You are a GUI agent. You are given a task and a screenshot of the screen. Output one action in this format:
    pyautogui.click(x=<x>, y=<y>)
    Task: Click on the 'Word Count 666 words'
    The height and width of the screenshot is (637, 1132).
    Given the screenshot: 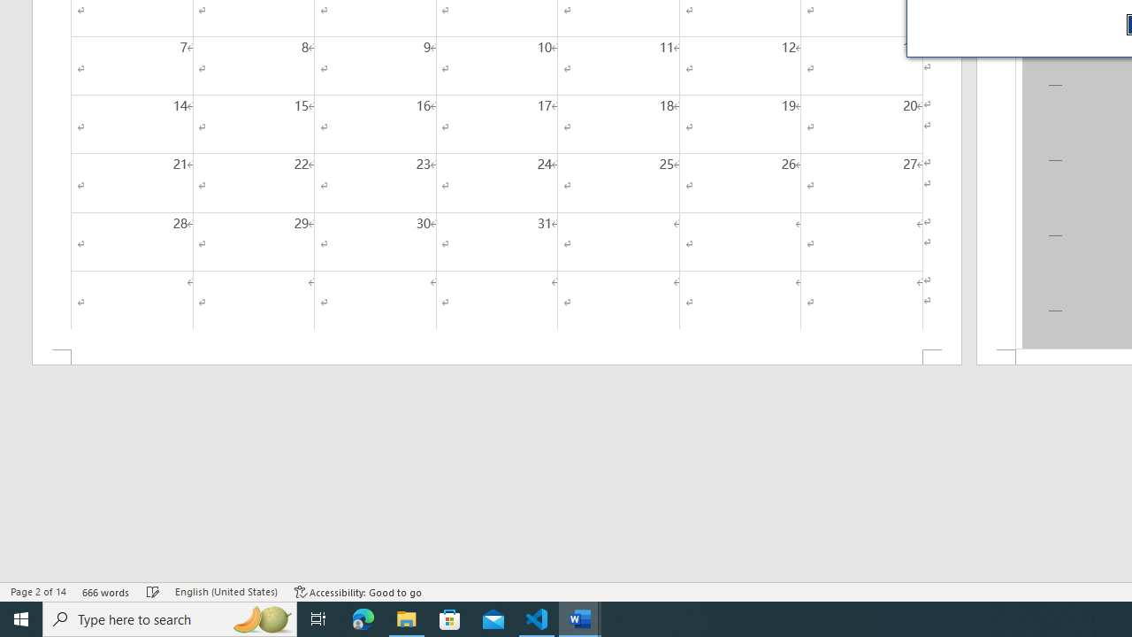 What is the action you would take?
    pyautogui.click(x=105, y=592)
    